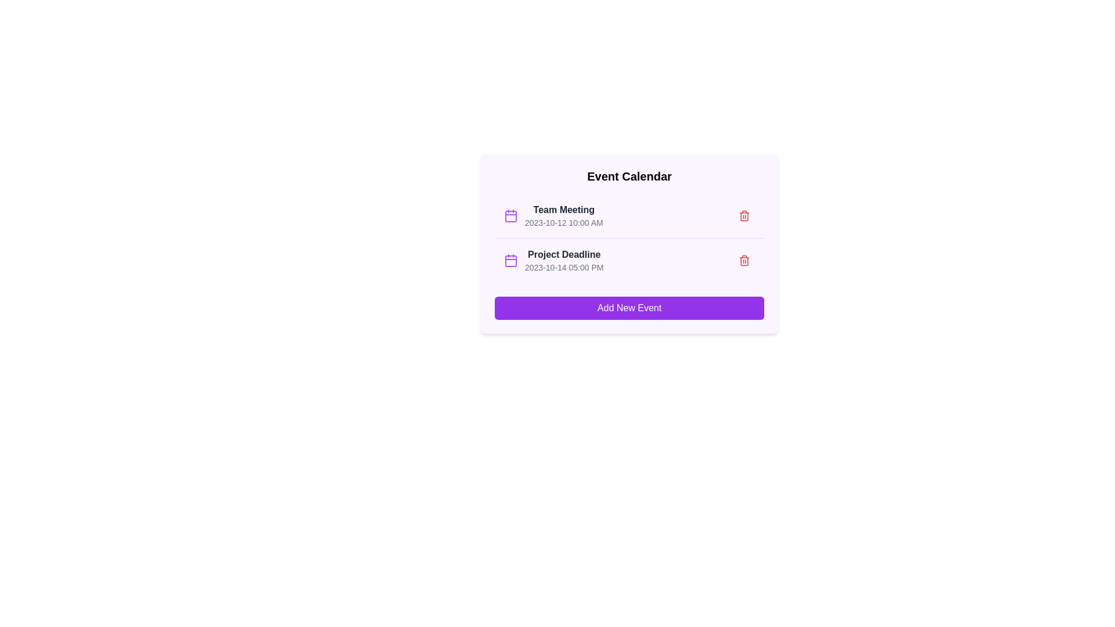 The image size is (1115, 627). What do you see at coordinates (510, 215) in the screenshot?
I see `the calendar icon associated with Team Meeting` at bounding box center [510, 215].